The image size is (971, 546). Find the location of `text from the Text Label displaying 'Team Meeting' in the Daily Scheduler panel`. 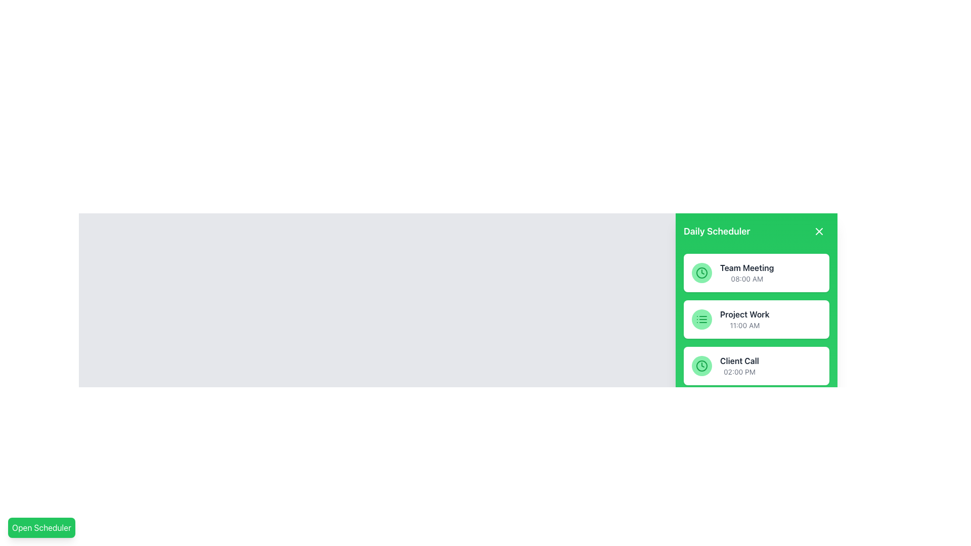

text from the Text Label displaying 'Team Meeting' in the Daily Scheduler panel is located at coordinates (747, 267).